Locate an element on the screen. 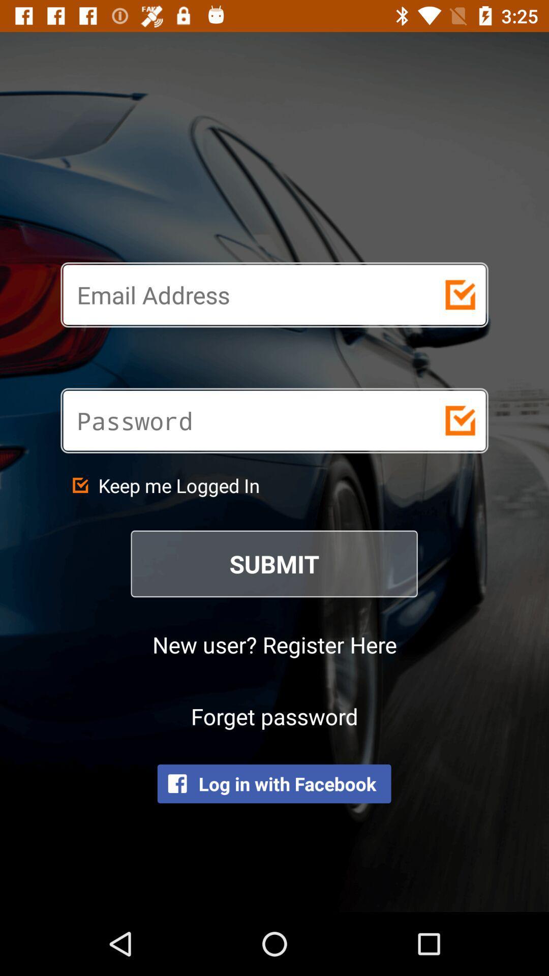  item above the keep me logged icon is located at coordinates (238, 420).